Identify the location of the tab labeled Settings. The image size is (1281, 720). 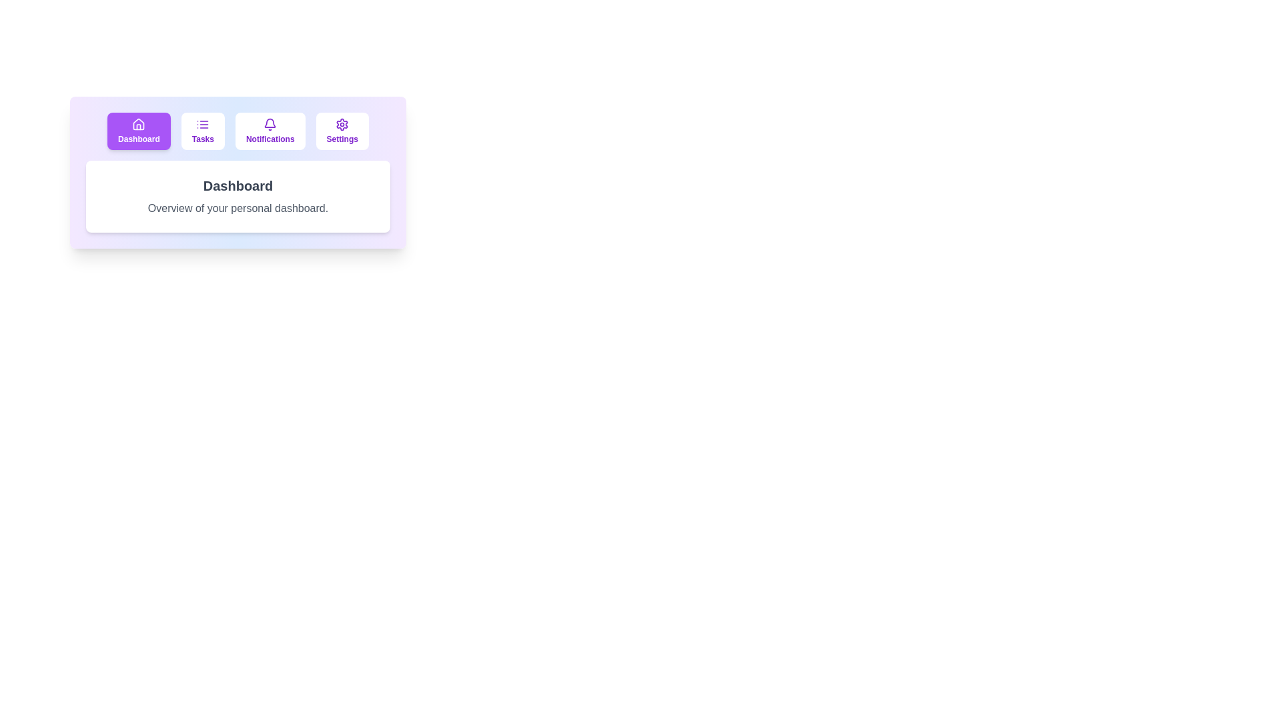
(342, 131).